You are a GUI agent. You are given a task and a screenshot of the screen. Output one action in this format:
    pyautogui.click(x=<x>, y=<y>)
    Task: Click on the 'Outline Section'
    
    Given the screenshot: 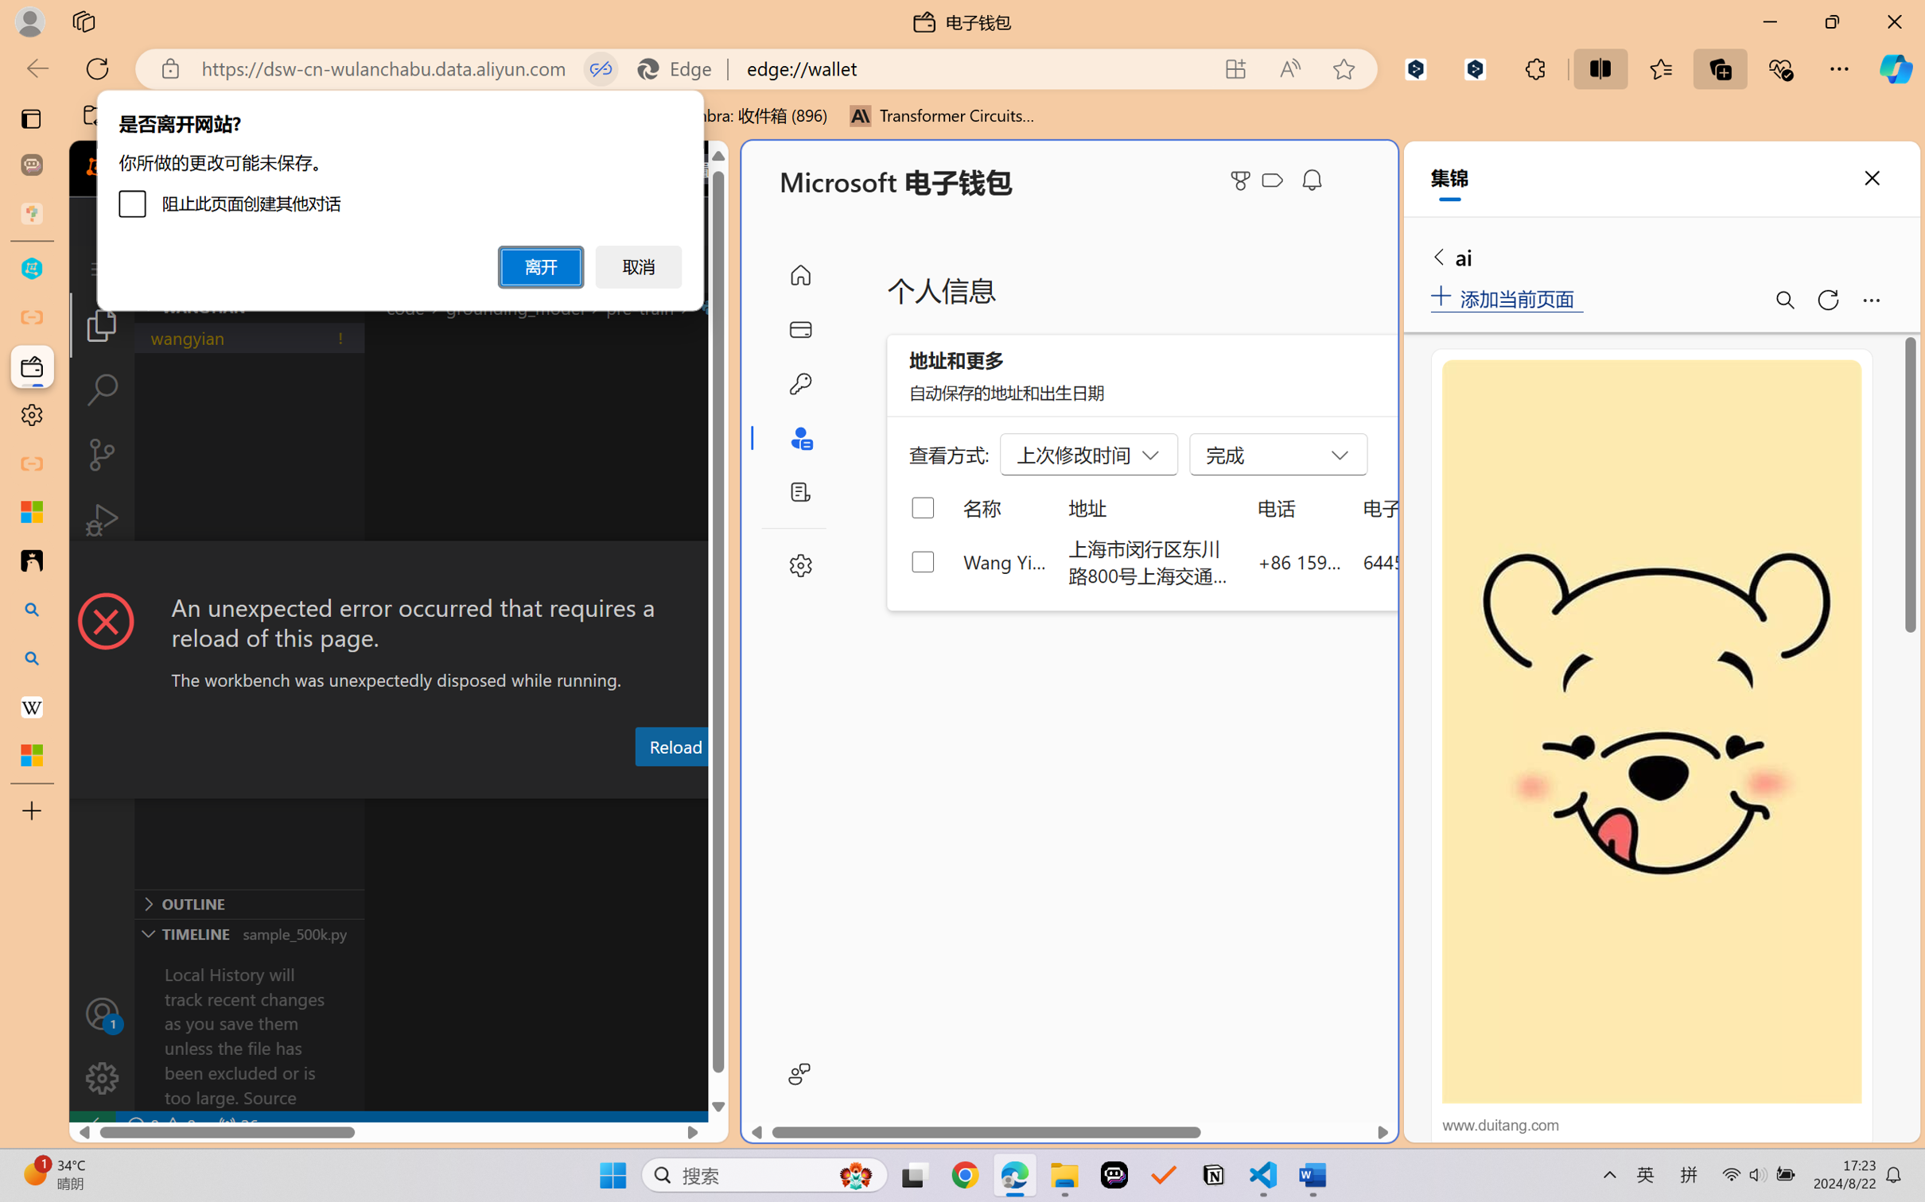 What is the action you would take?
    pyautogui.click(x=249, y=902)
    